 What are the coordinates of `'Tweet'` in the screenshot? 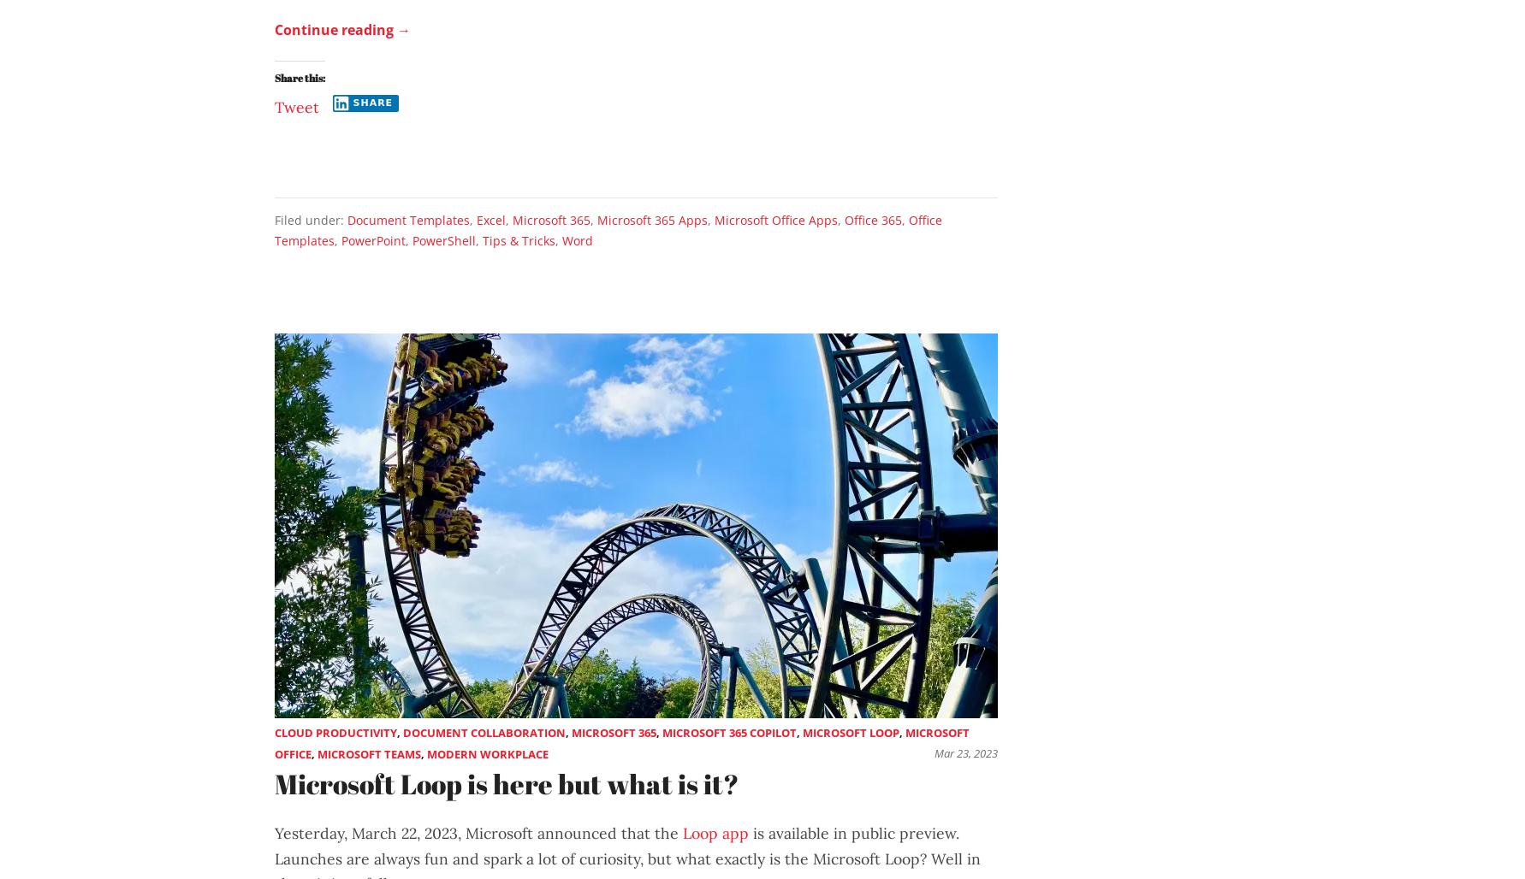 It's located at (273, 105).